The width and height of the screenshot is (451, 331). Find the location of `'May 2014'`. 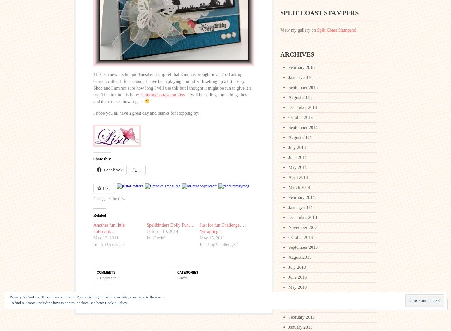

'May 2014' is located at coordinates (297, 167).